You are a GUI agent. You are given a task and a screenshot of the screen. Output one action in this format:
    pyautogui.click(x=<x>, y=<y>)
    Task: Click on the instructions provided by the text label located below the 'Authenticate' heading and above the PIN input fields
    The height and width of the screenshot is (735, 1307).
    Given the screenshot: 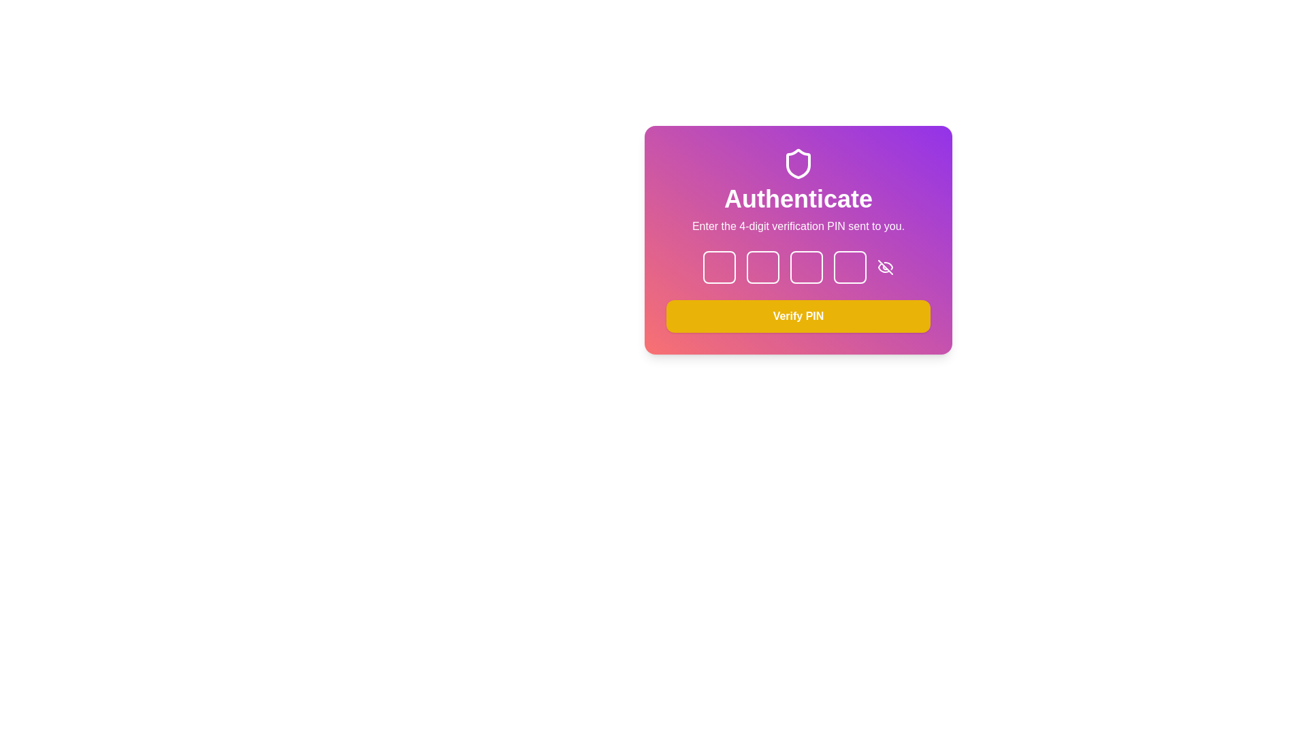 What is the action you would take?
    pyautogui.click(x=798, y=225)
    